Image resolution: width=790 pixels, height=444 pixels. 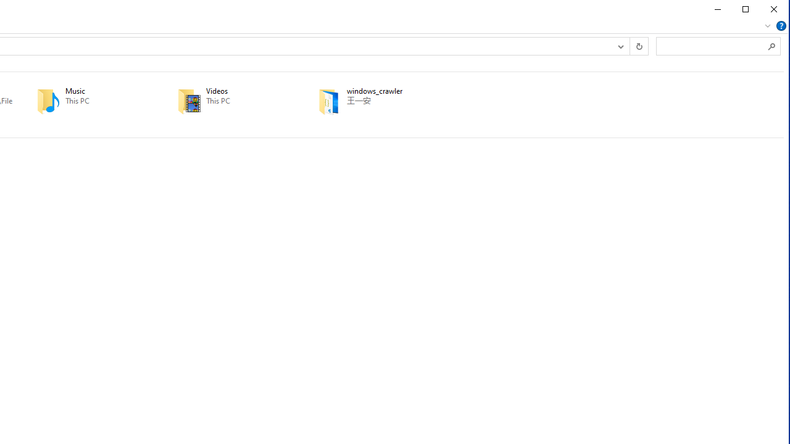 What do you see at coordinates (89, 101) in the screenshot?
I see `'Music'` at bounding box center [89, 101].